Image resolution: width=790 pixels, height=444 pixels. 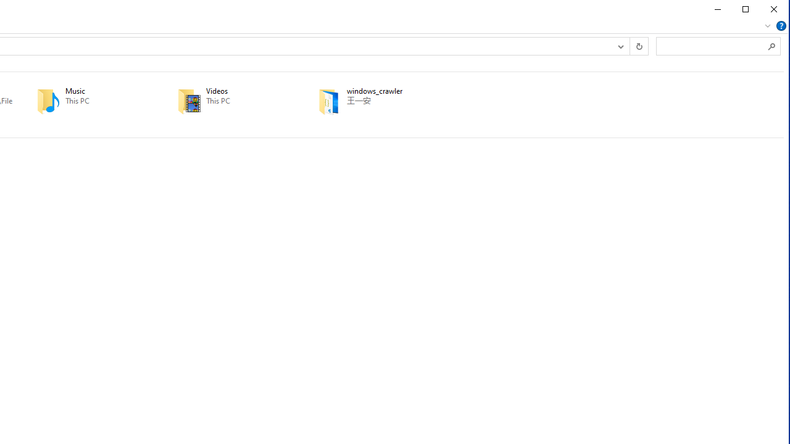 What do you see at coordinates (89, 101) in the screenshot?
I see `'Music'` at bounding box center [89, 101].